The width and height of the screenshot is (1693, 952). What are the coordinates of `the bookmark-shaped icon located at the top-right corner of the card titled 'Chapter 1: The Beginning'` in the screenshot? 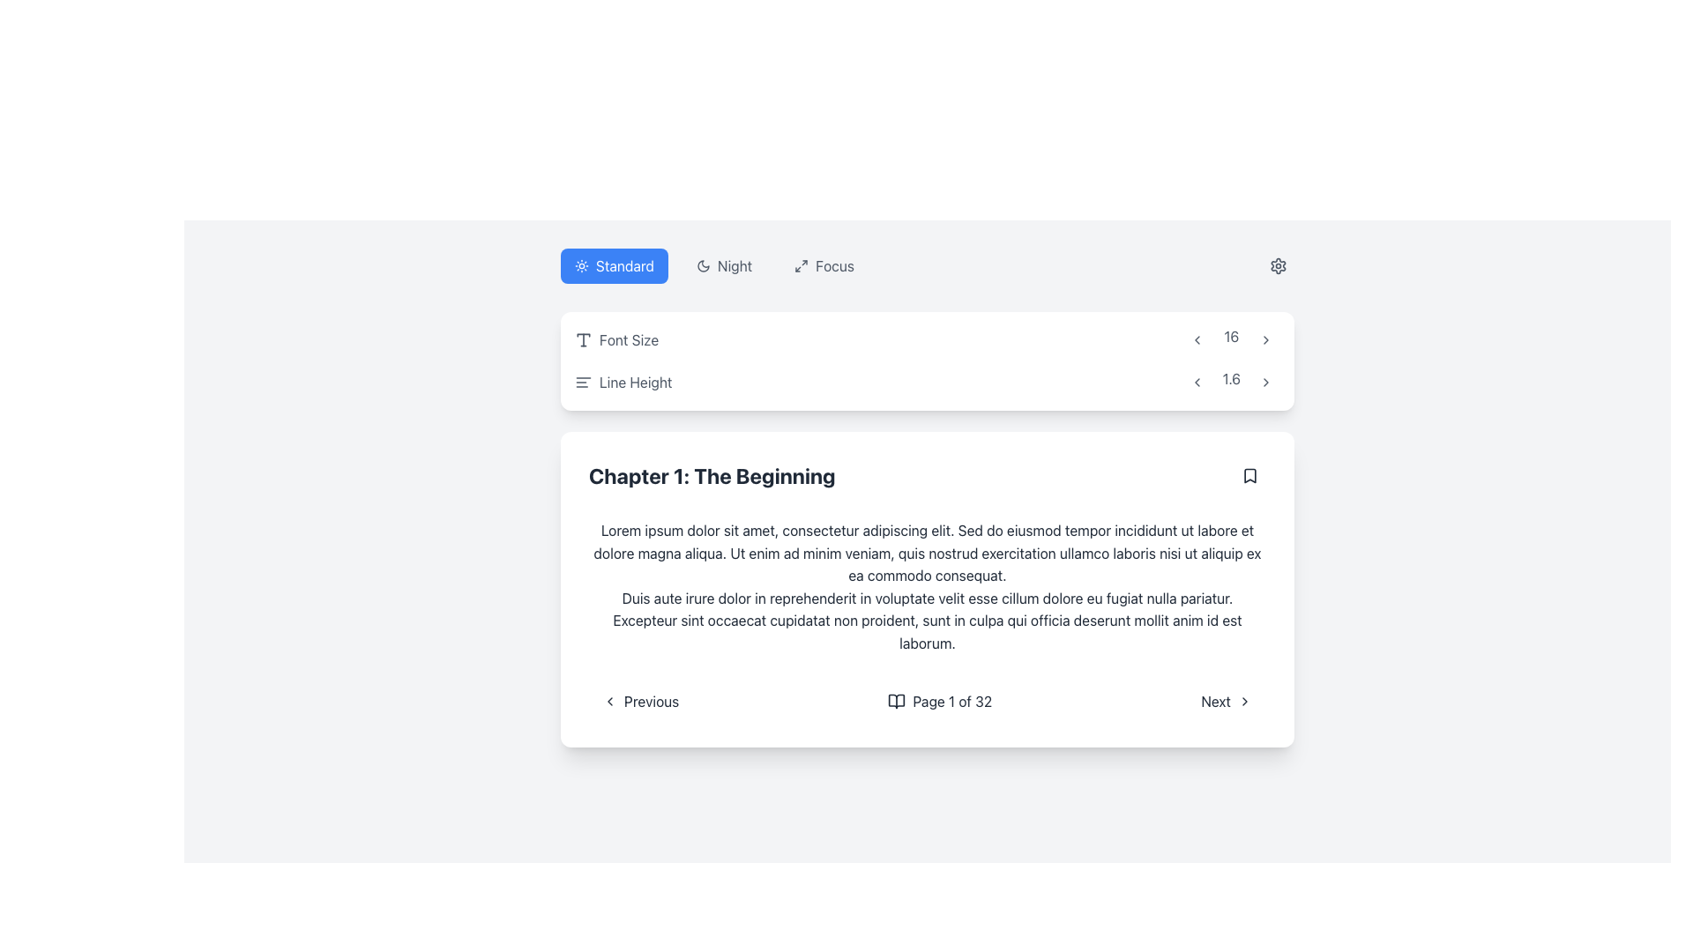 It's located at (1249, 476).